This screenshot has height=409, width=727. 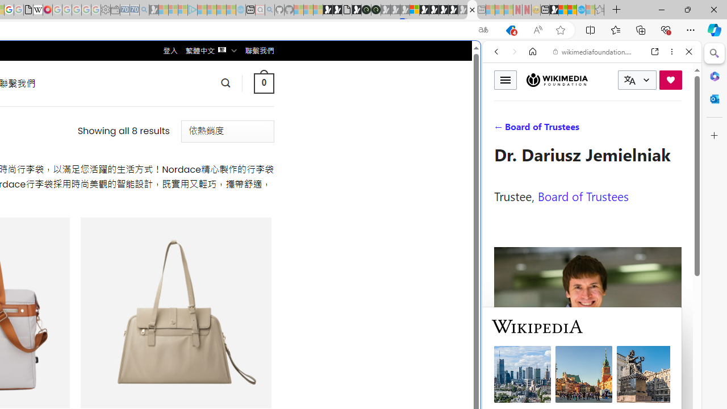 I want to click on '  0  ', so click(x=263, y=82).